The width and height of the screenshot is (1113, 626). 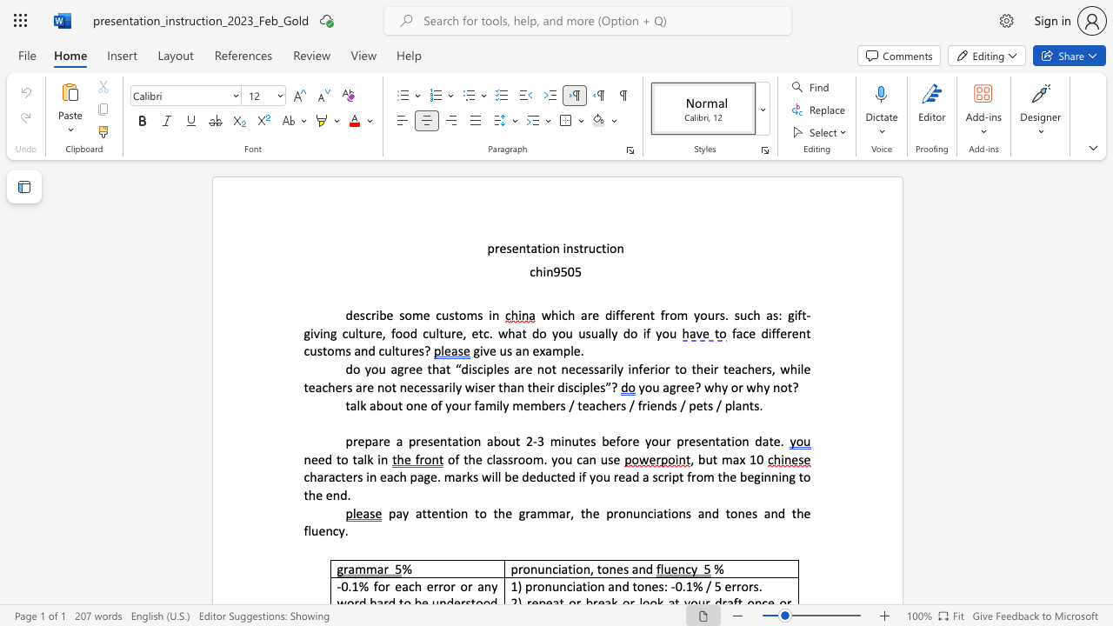 What do you see at coordinates (578, 333) in the screenshot?
I see `the subset text "usually do if you" within the text "giving culture, food culture, etc. what do you usually do if you"` at bounding box center [578, 333].